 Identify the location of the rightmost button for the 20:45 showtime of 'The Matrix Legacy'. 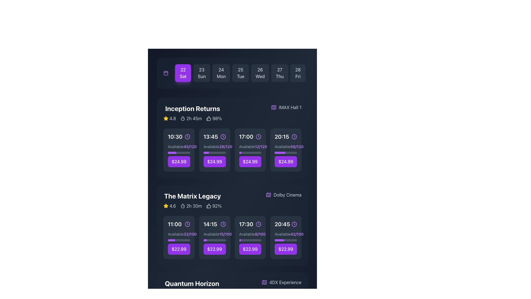
(286, 249).